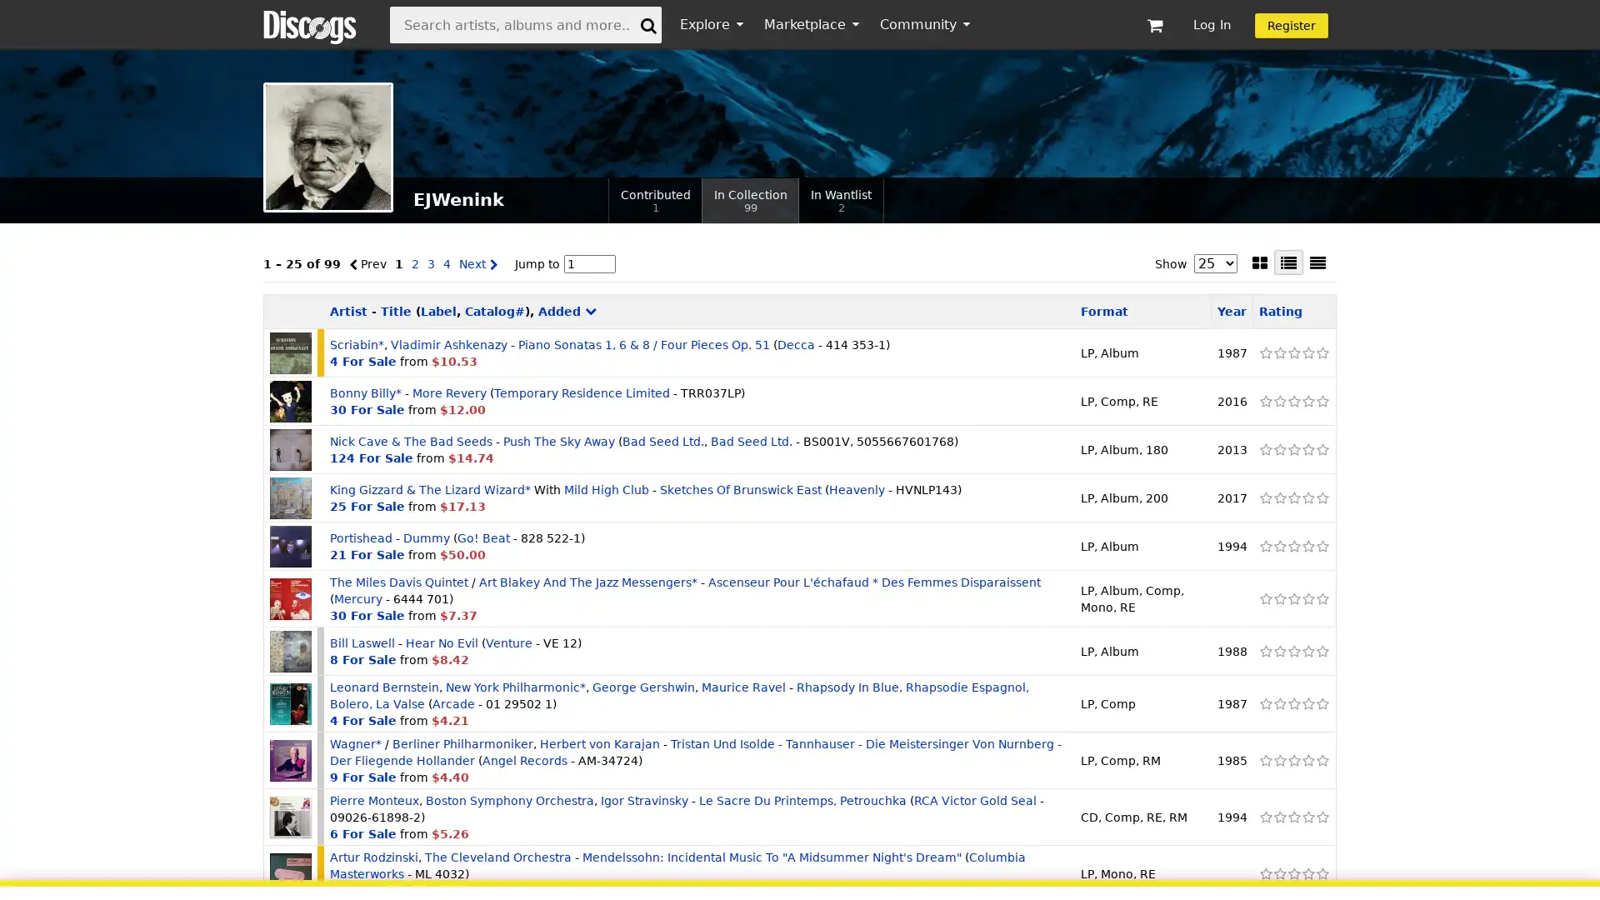 The height and width of the screenshot is (900, 1600). What do you see at coordinates (1307, 546) in the screenshot?
I see `Rate this release 4 stars.` at bounding box center [1307, 546].